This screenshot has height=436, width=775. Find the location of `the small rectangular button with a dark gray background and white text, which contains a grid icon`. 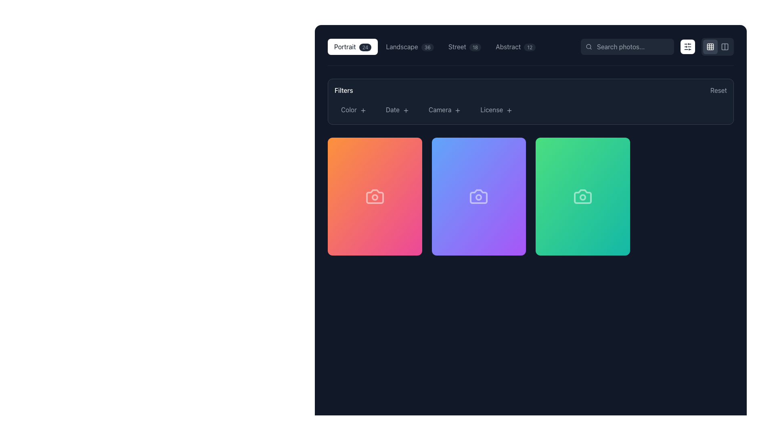

the small rectangular button with a dark gray background and white text, which contains a grid icon is located at coordinates (710, 46).